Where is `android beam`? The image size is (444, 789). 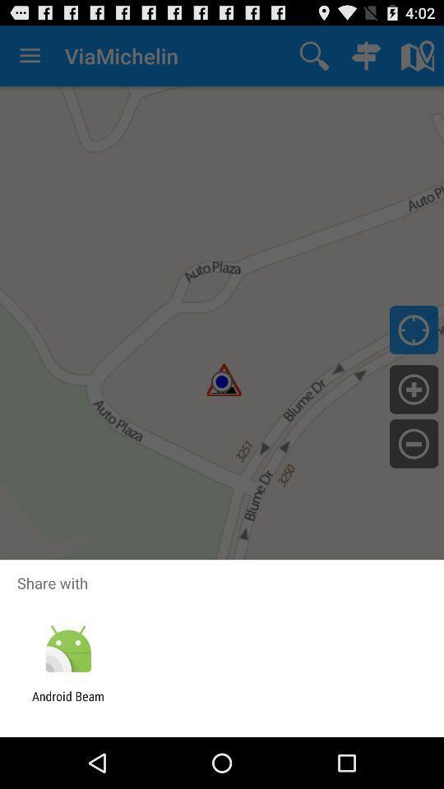
android beam is located at coordinates (67, 703).